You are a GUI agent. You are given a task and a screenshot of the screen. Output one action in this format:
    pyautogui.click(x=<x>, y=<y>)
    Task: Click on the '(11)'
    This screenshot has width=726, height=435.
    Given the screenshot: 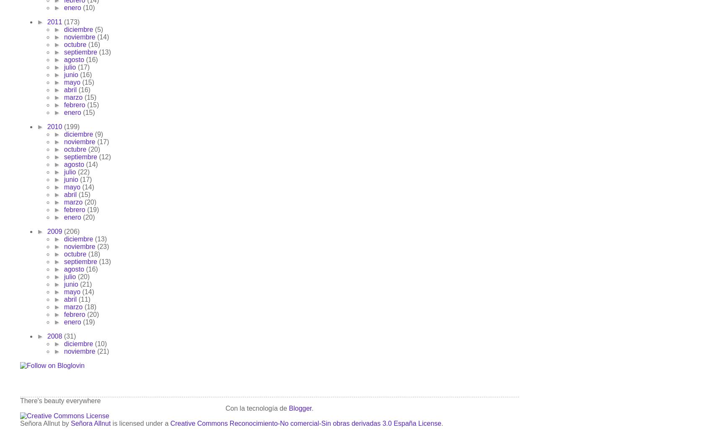 What is the action you would take?
    pyautogui.click(x=84, y=298)
    